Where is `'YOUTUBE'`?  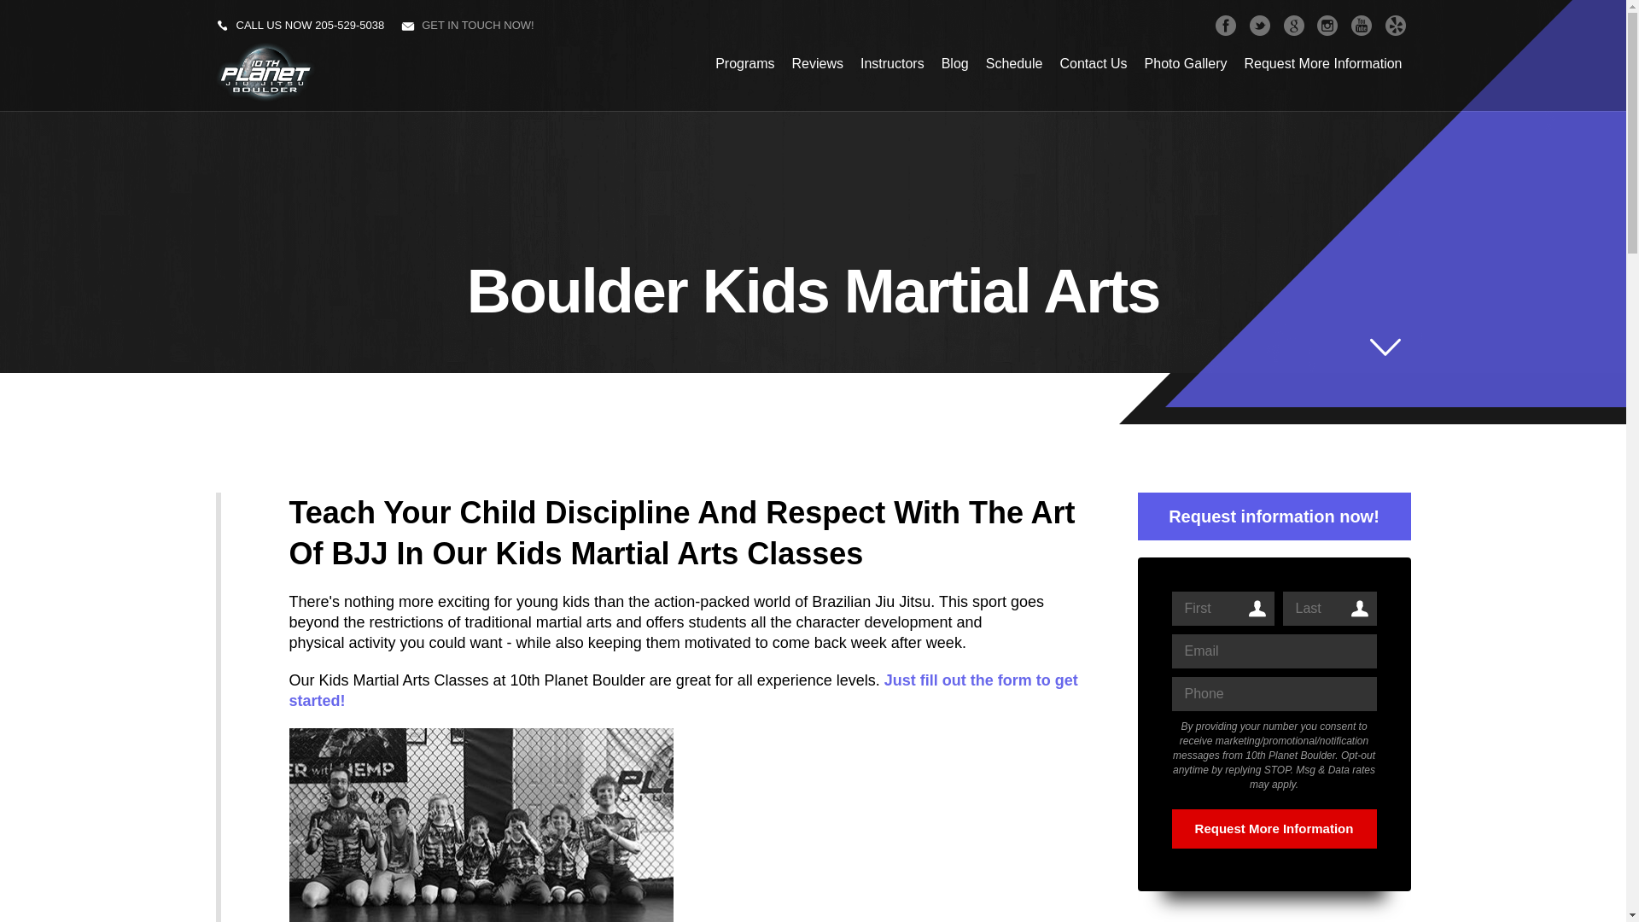 'YOUTUBE' is located at coordinates (1345, 26).